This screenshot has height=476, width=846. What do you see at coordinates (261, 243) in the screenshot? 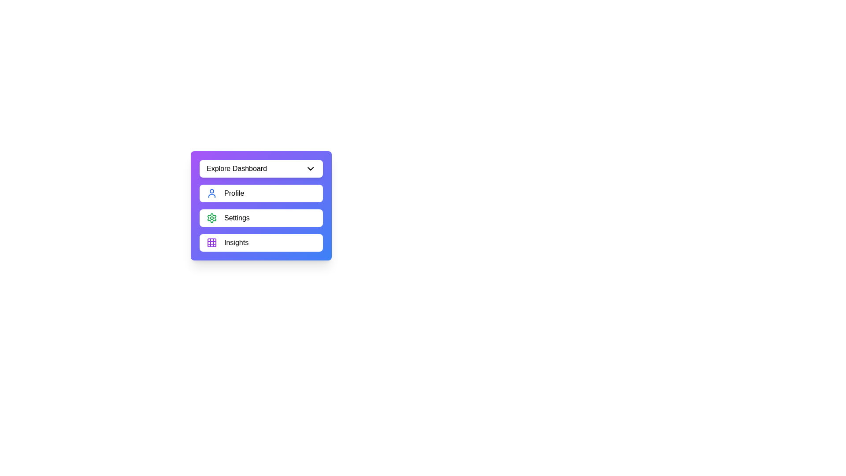
I see `the menu item Insights` at bounding box center [261, 243].